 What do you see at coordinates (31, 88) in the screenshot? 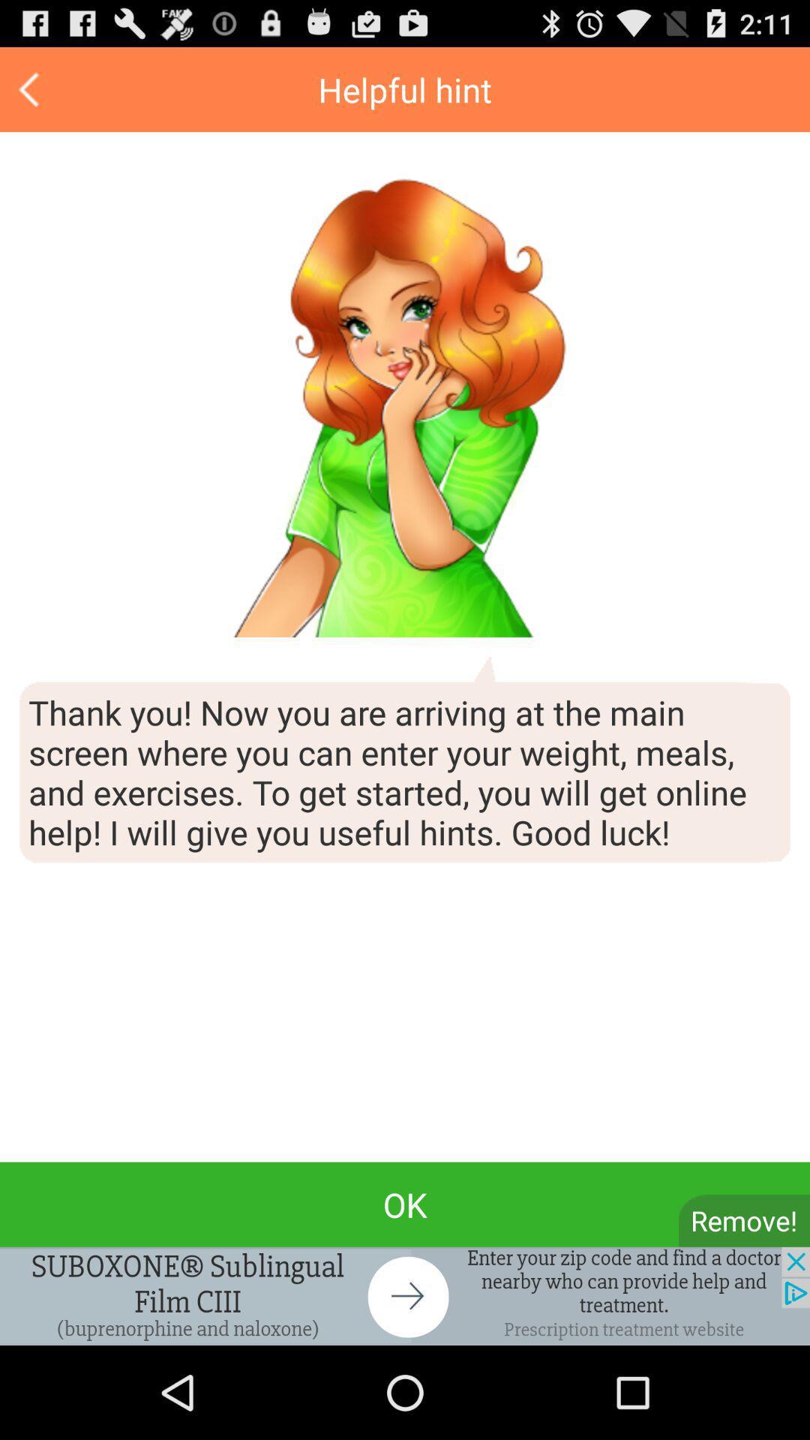
I see `previous button` at bounding box center [31, 88].